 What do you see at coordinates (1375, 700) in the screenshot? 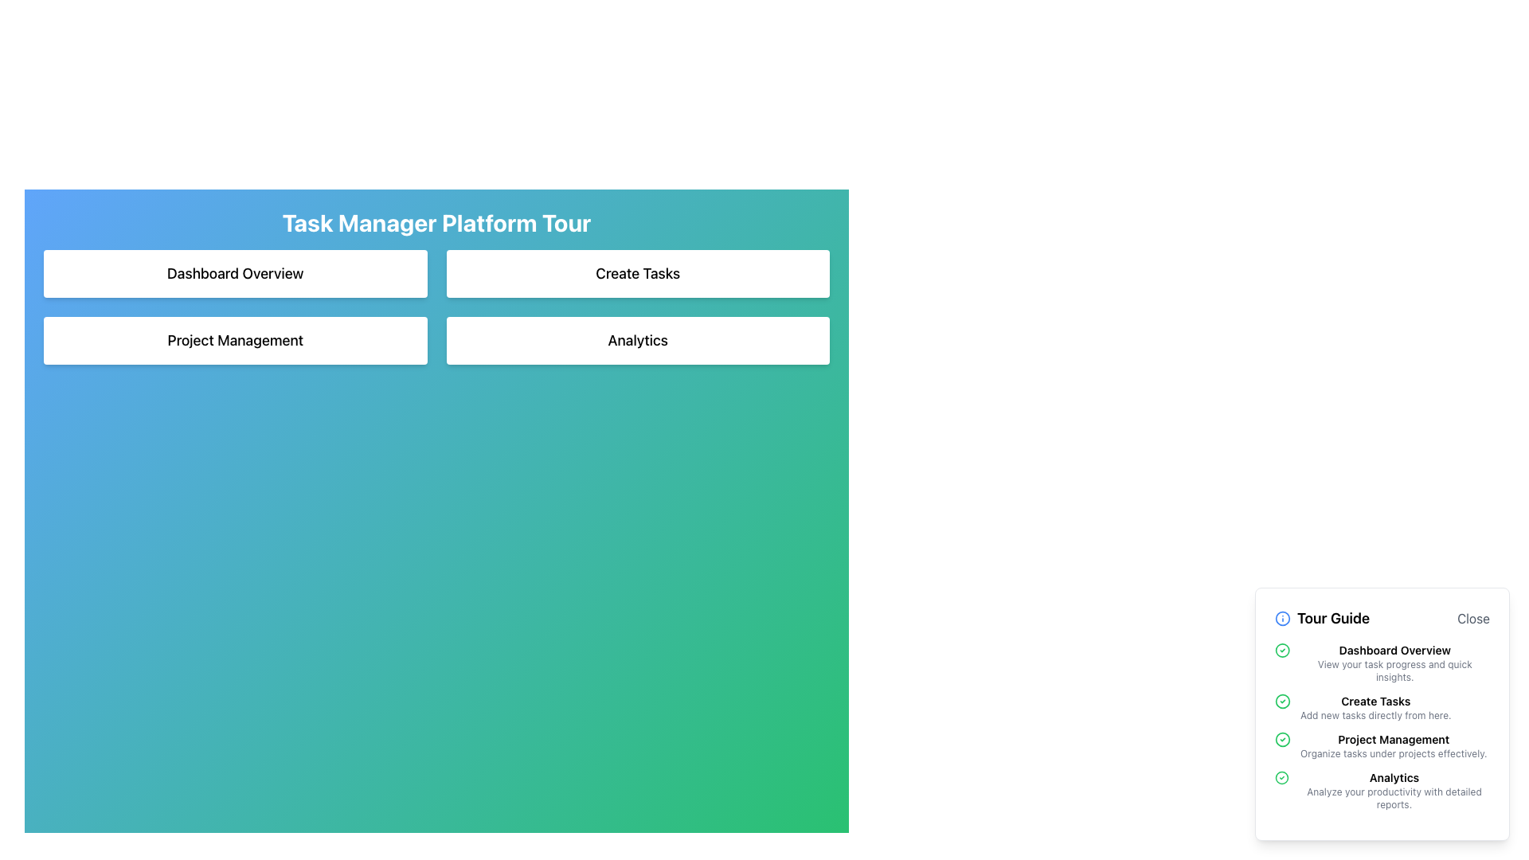
I see `the 'Create Tasks' text label, which is styled in bold font and appears in the 'Tour Guide' section of the interface` at bounding box center [1375, 700].